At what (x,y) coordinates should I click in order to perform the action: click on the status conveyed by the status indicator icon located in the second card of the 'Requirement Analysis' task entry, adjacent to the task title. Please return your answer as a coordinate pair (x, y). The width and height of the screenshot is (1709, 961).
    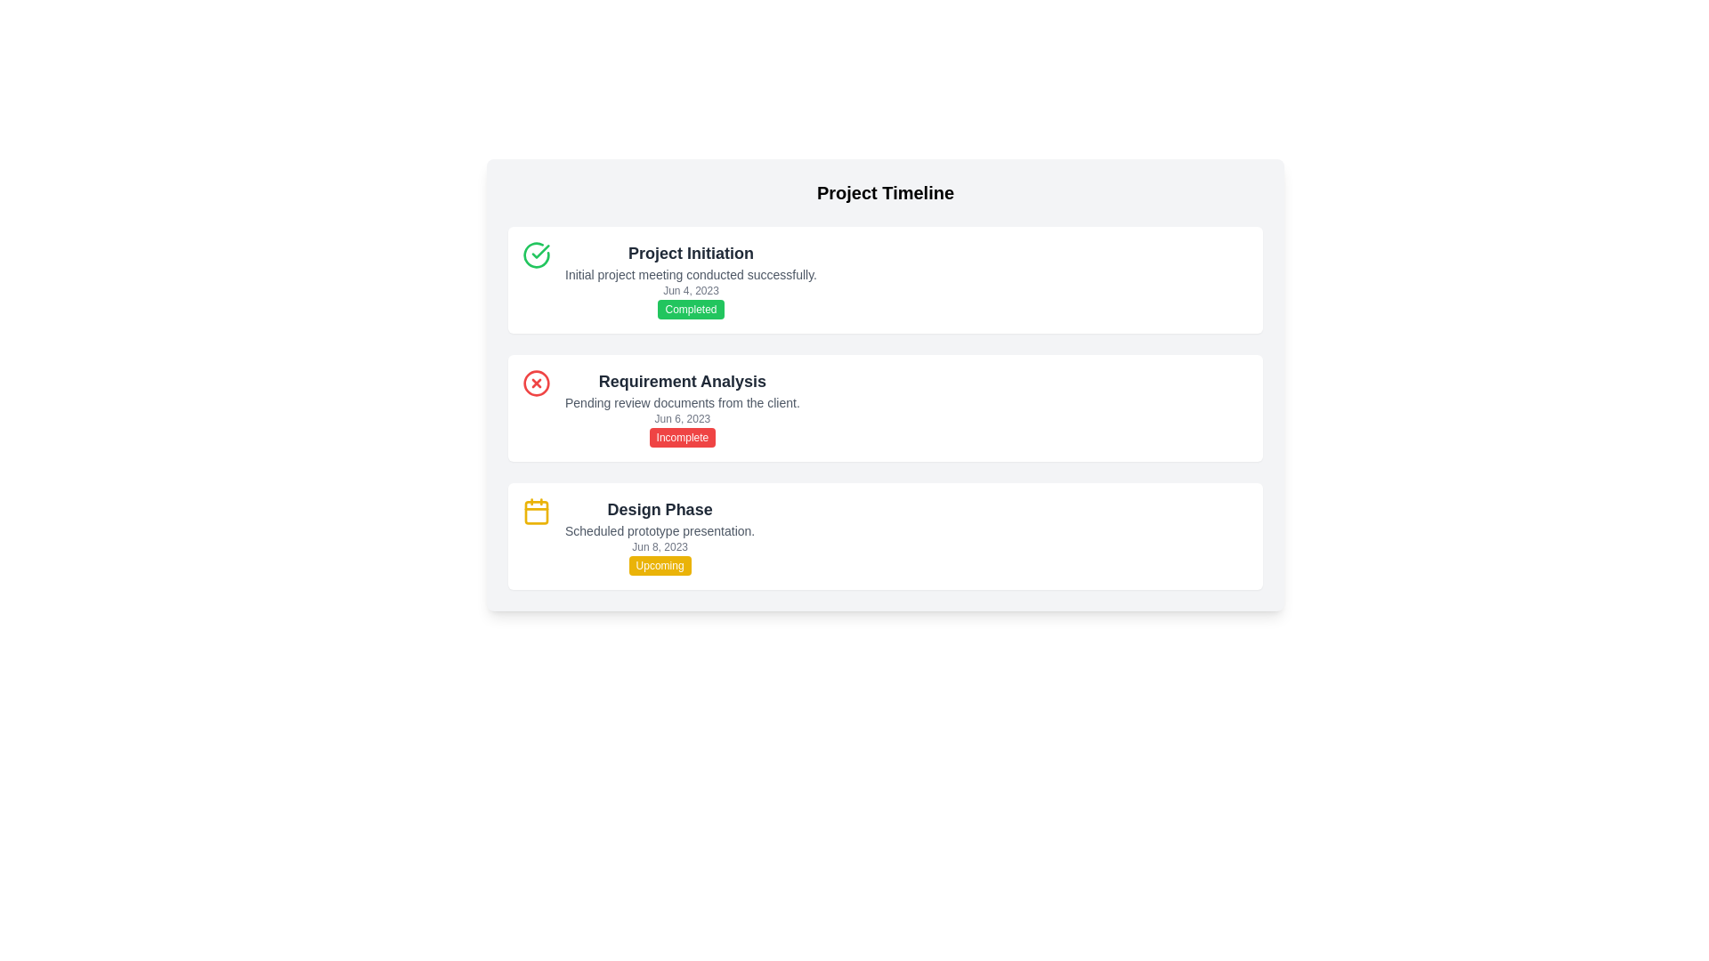
    Looking at the image, I should click on (536, 383).